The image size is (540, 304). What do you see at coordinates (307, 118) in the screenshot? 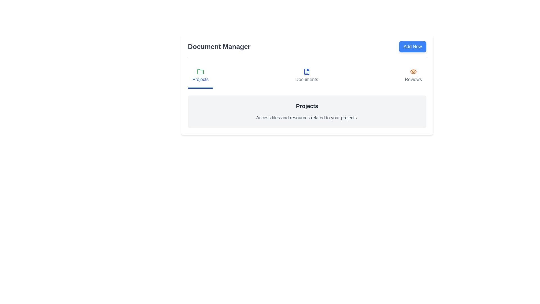
I see `the text 'Access files and resources related to your projects.' in the Projects section` at bounding box center [307, 118].